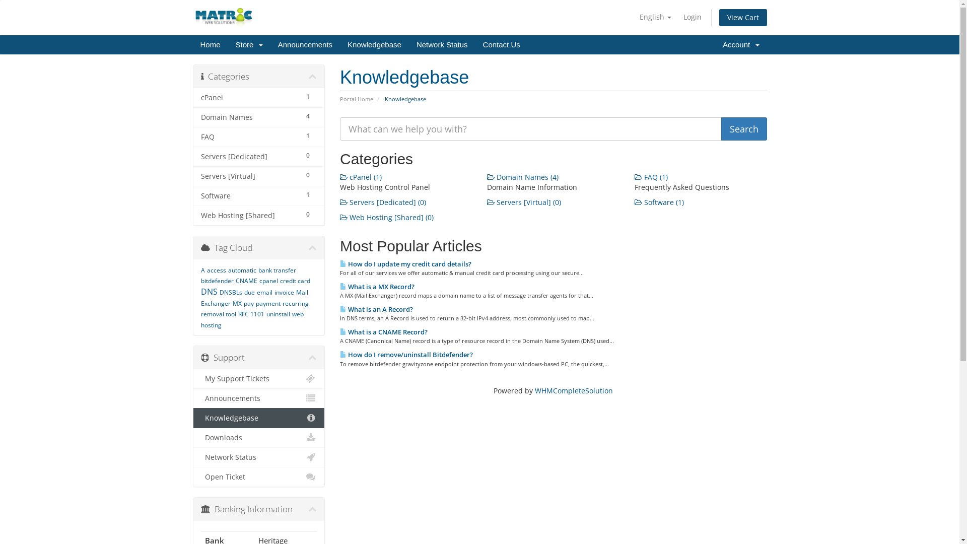 The width and height of the screenshot is (967, 544). Describe the element at coordinates (376, 308) in the screenshot. I see `' What is an A Record?'` at that location.